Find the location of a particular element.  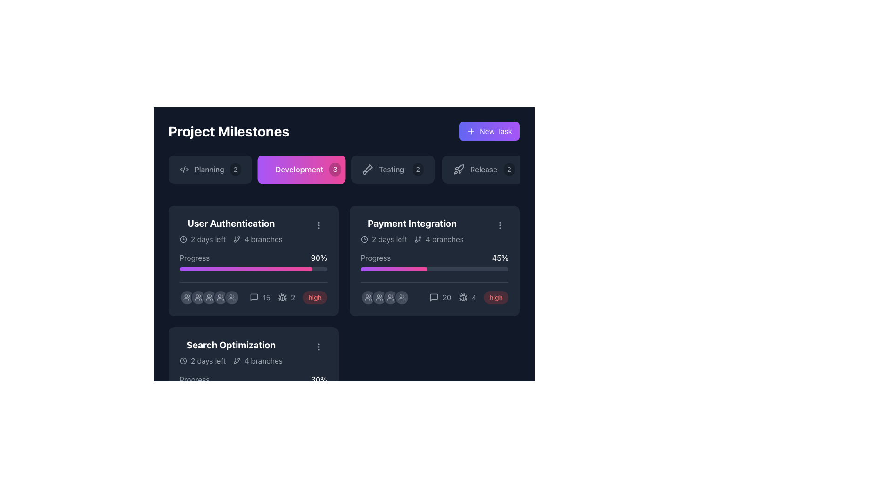

the priority level badge located in the bottom row of the project progress panel, to the right of the interaction counts is located at coordinates (315, 298).